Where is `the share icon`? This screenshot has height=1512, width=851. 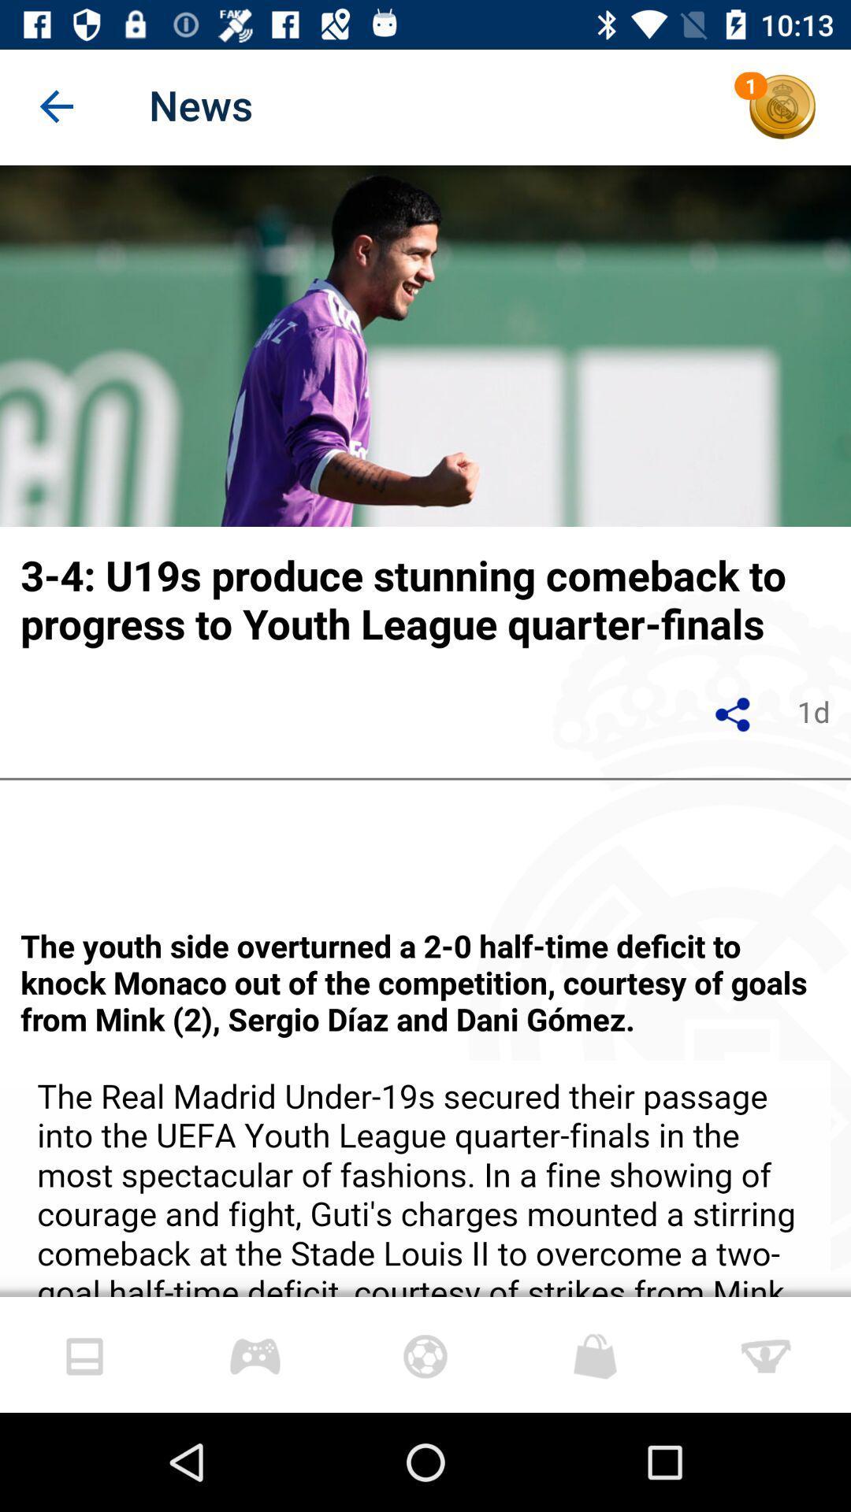
the share icon is located at coordinates (734, 713).